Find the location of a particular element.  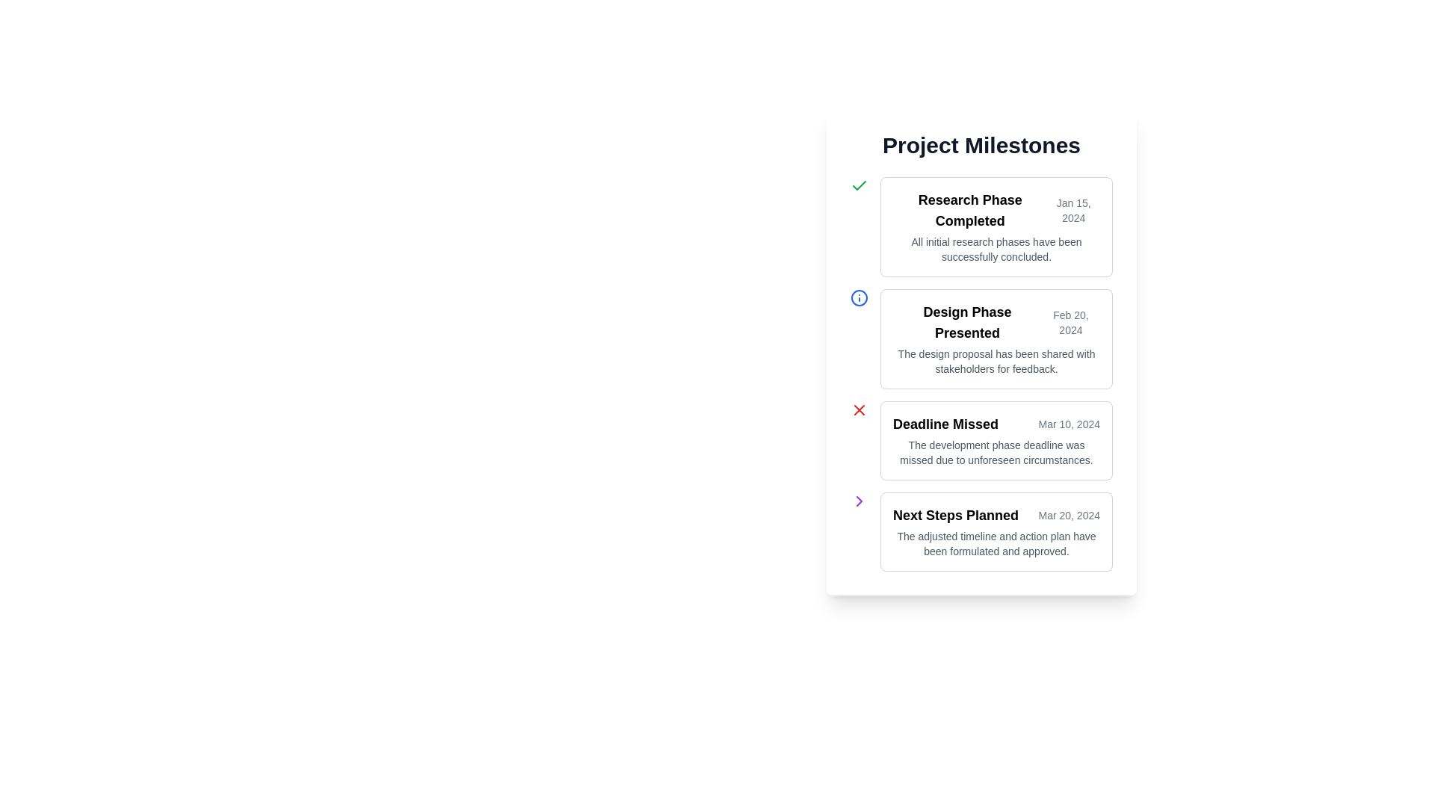

the text label that contains the sentence: 'The adjusted timeline and action plan have been formulated and approved.' which is positioned underneath the 'Next Steps Planned' section is located at coordinates (996, 544).